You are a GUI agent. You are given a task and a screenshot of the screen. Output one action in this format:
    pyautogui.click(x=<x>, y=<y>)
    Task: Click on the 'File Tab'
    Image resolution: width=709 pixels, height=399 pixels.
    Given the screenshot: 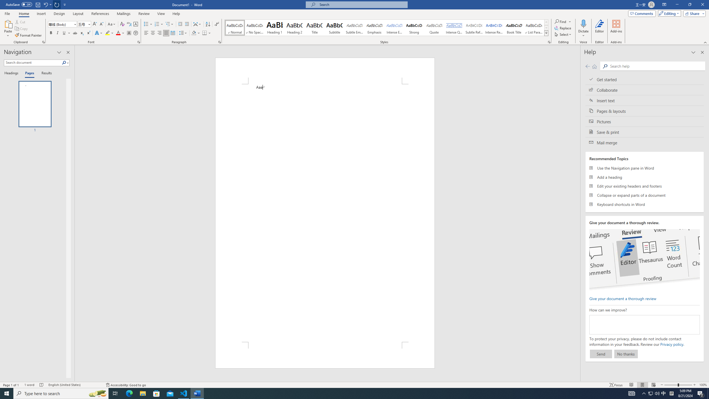 What is the action you would take?
    pyautogui.click(x=7, y=13)
    